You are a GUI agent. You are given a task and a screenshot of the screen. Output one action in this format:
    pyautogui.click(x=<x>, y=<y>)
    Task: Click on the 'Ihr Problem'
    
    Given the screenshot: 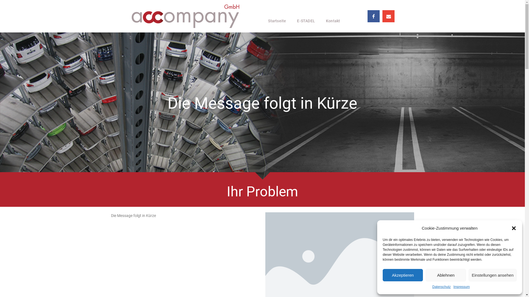 What is the action you would take?
    pyautogui.click(x=262, y=191)
    